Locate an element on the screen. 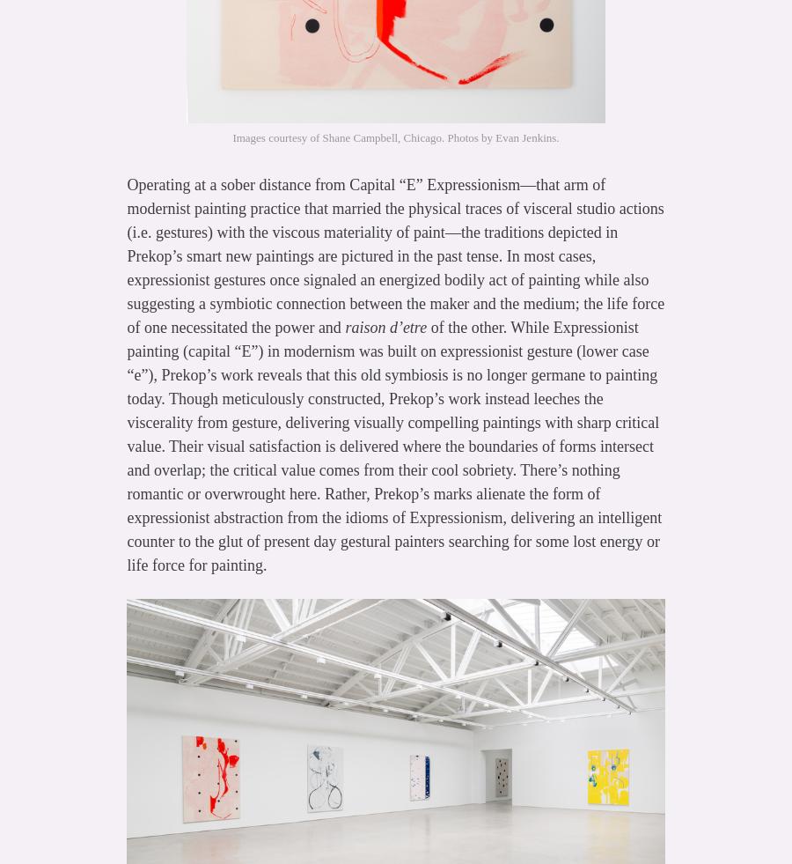  'October,' is located at coordinates (414, 768).